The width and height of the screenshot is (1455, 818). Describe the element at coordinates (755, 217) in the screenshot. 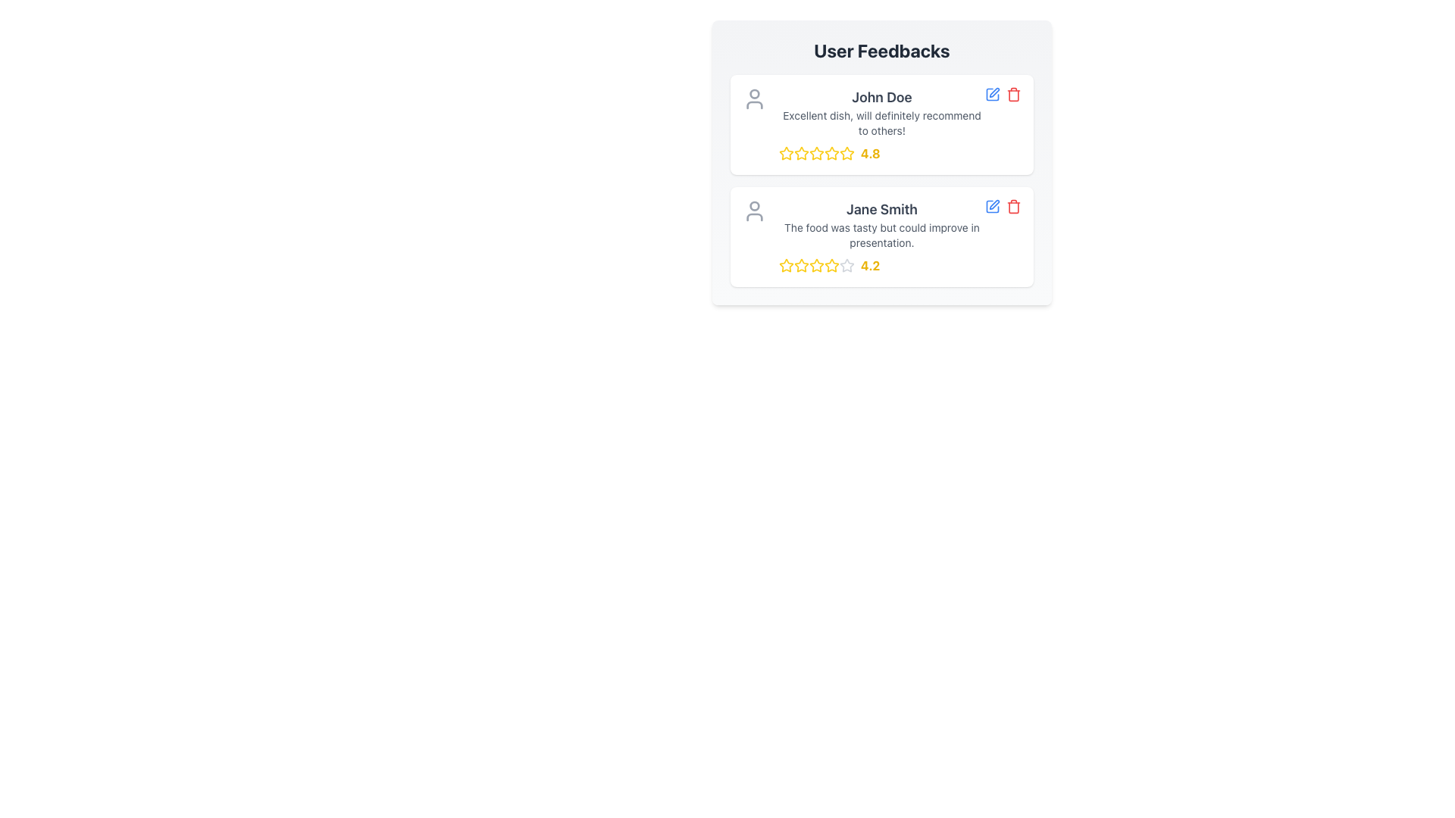

I see `the semi-circular curve representing the lower half of the user's profile icon in the SVG illustration` at that location.